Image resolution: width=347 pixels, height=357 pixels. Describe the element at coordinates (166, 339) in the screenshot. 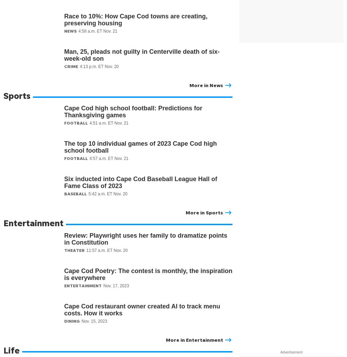

I see `'More in Entertainment'` at that location.